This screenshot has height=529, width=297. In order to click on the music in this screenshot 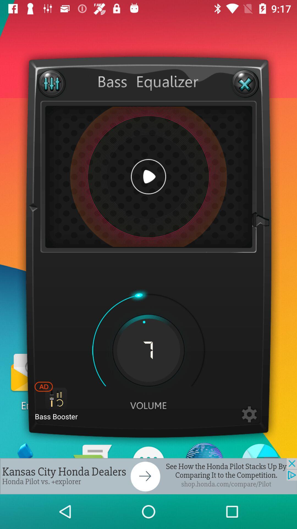, I will do `click(148, 177)`.